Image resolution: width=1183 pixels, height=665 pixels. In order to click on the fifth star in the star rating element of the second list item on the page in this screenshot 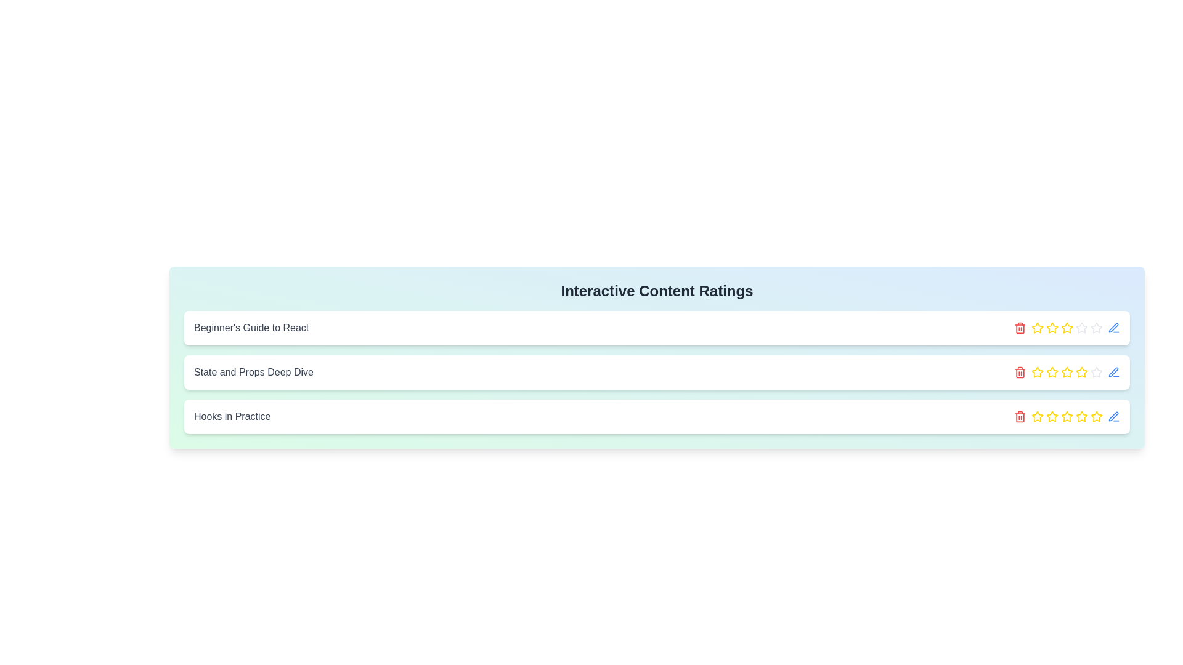, I will do `click(1097, 327)`.